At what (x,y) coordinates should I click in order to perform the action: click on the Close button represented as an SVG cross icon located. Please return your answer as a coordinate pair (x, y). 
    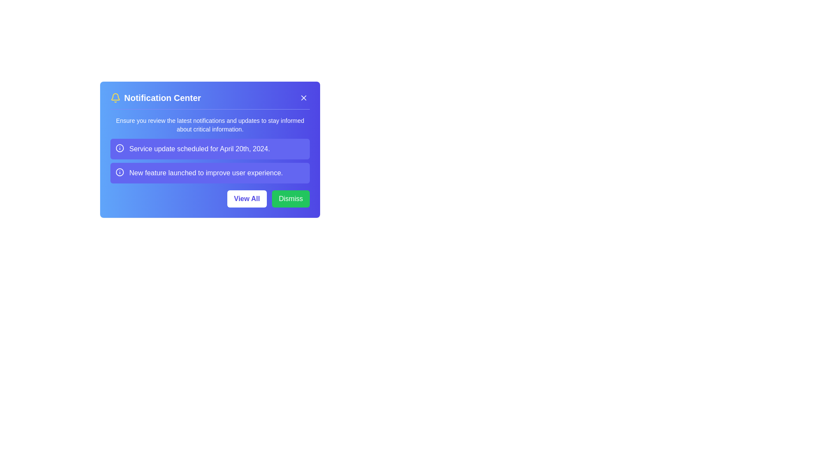
    Looking at the image, I should click on (303, 97).